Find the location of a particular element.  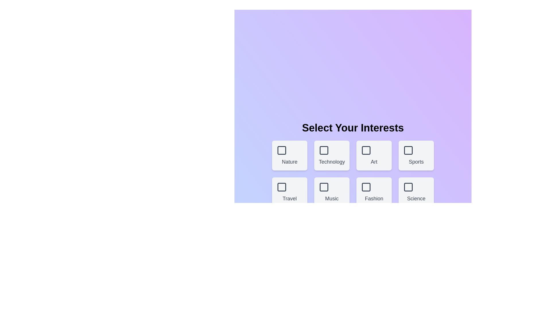

the box corresponding to the theme Art to select or deselect it is located at coordinates (374, 156).